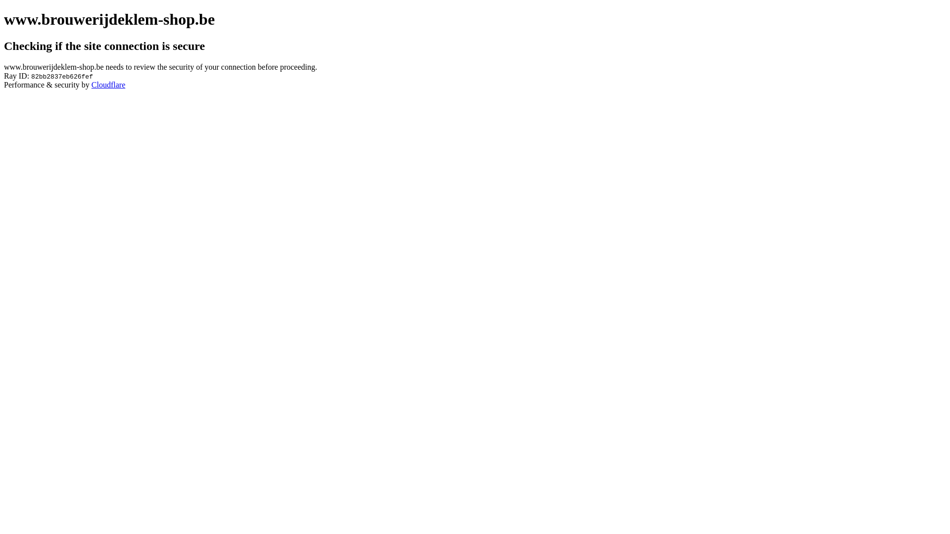 This screenshot has width=950, height=534. Describe the element at coordinates (108, 84) in the screenshot. I see `'Cloudflare'` at that location.